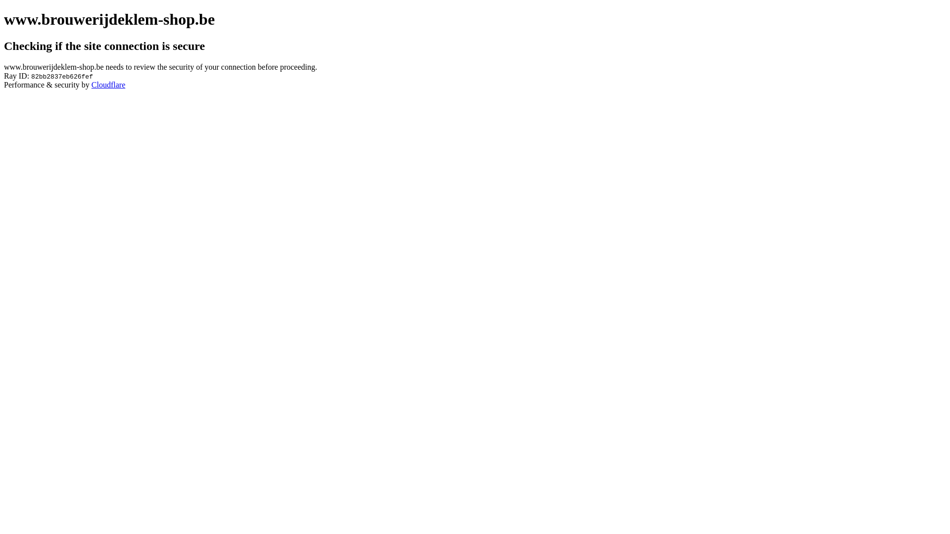 This screenshot has width=950, height=534. Describe the element at coordinates (108, 84) in the screenshot. I see `'Cloudflare'` at that location.